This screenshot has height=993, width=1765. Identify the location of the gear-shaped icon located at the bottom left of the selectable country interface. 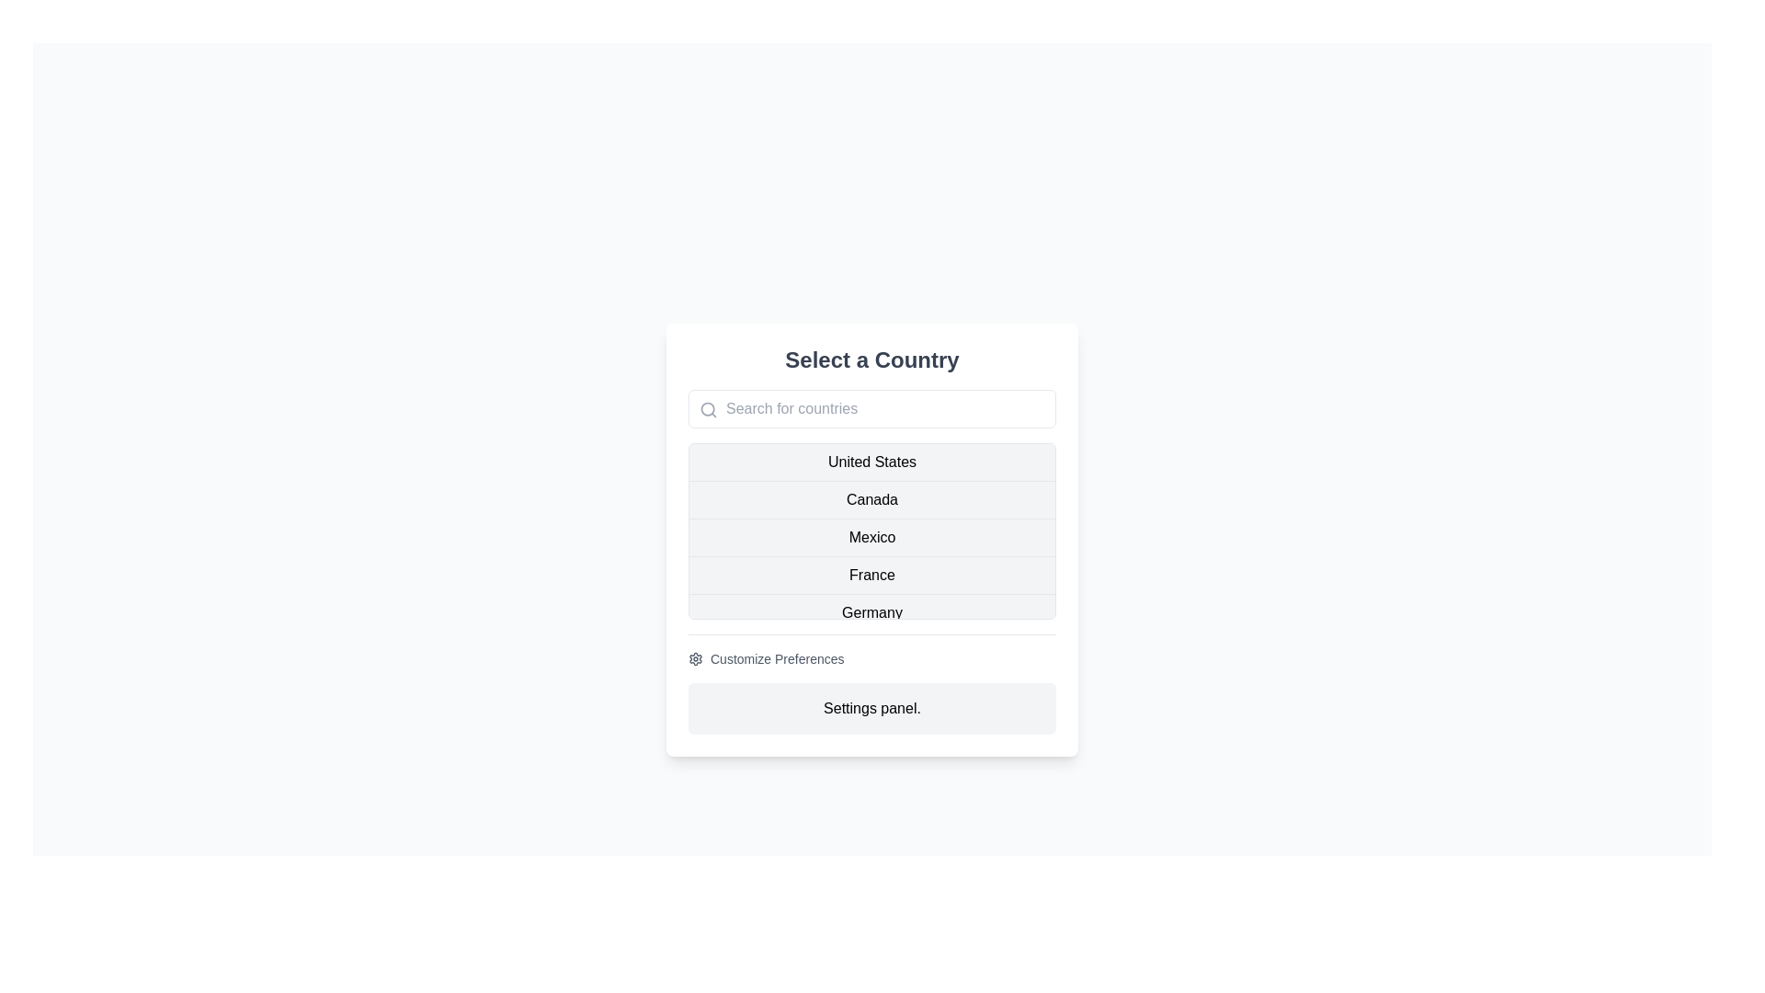
(695, 657).